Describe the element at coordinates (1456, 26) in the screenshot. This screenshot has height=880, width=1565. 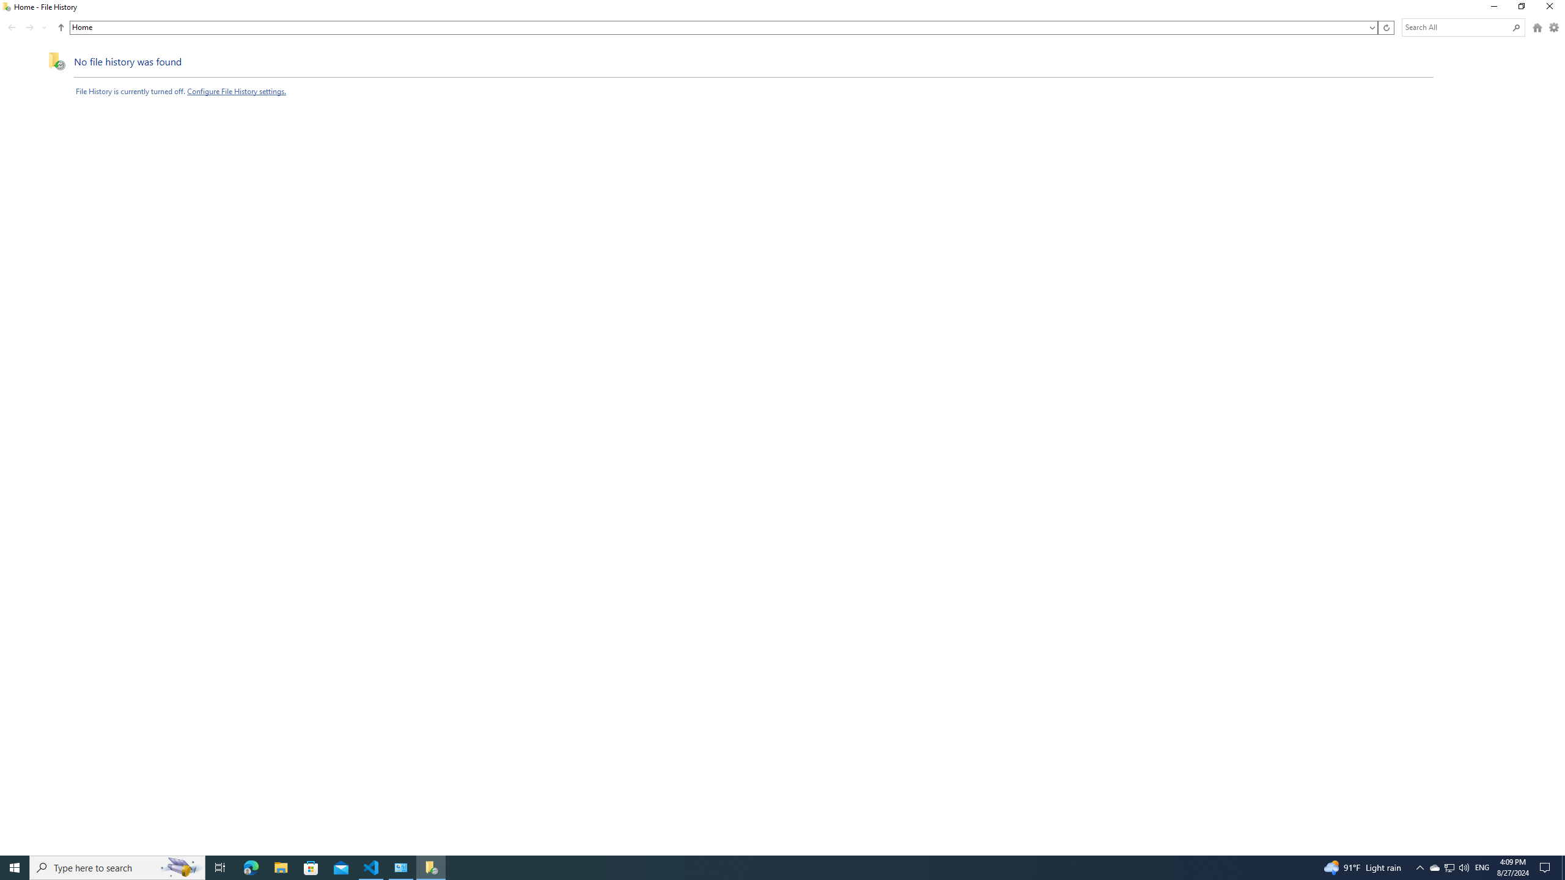
I see `'Search Box'` at that location.